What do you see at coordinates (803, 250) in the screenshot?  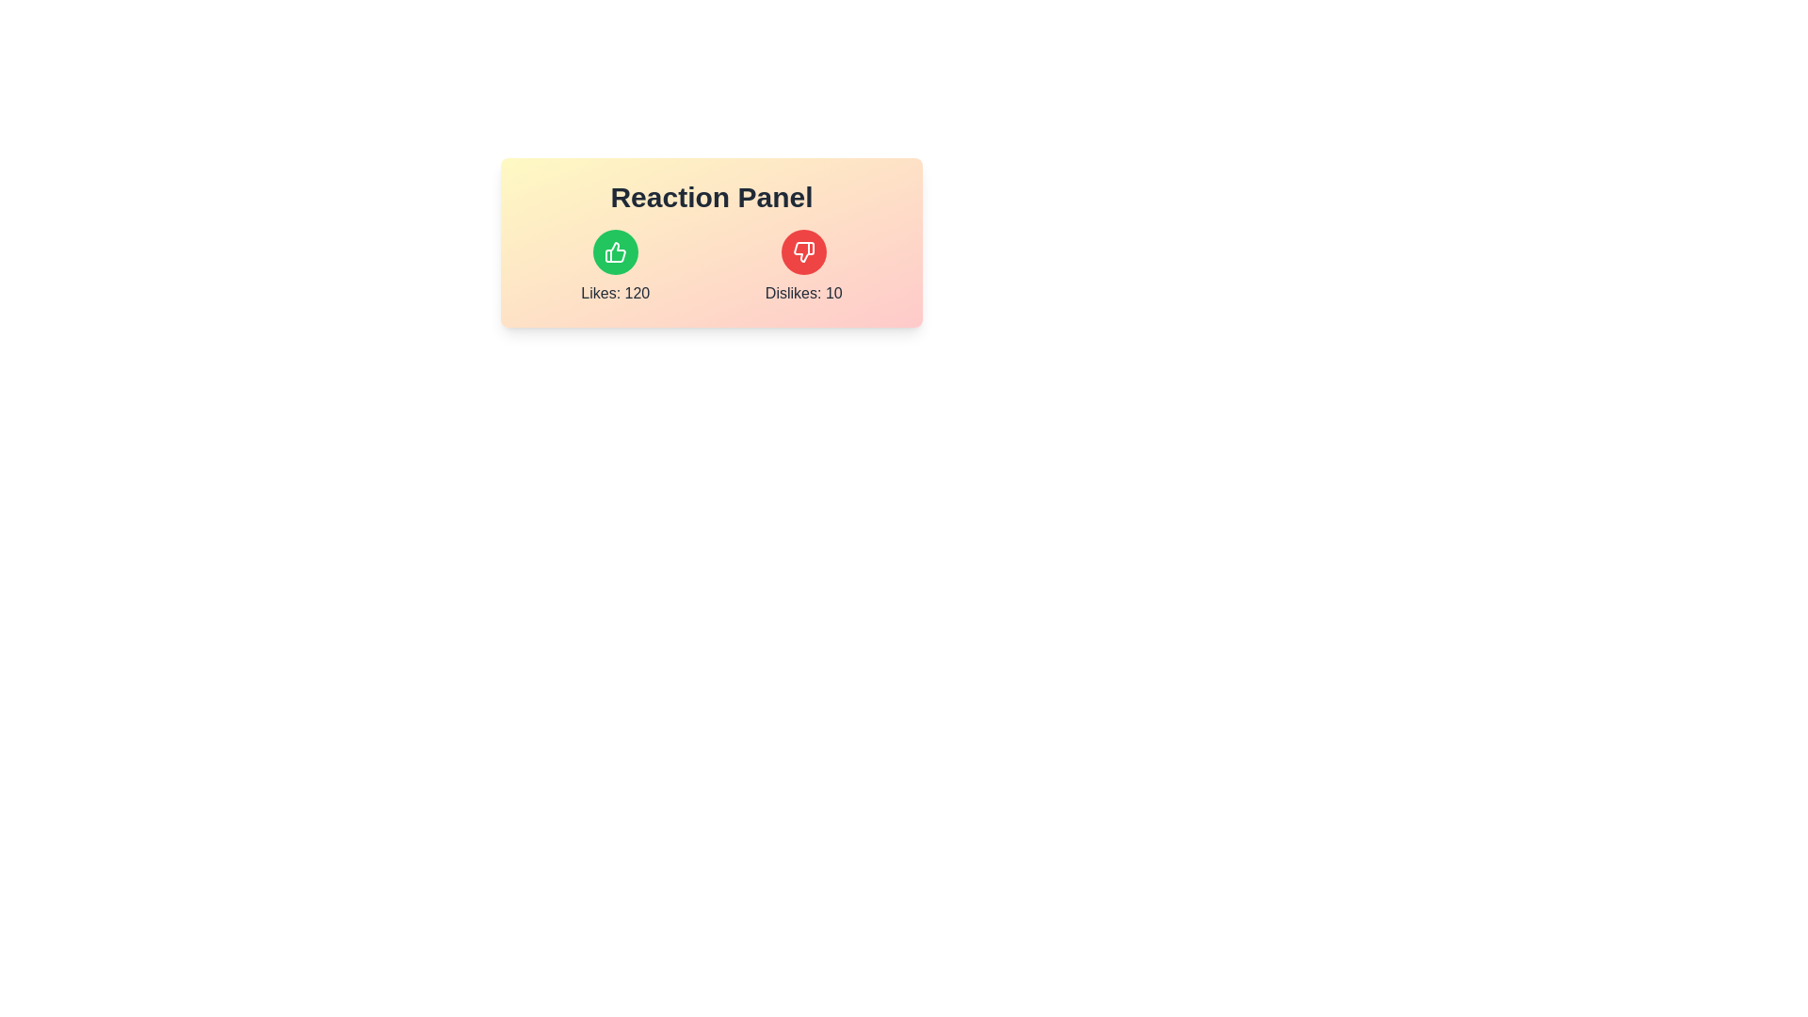 I see `the dislike icon located within a rounded red background on the right side of the 'Reaction Panel' component to express a dislike` at bounding box center [803, 250].